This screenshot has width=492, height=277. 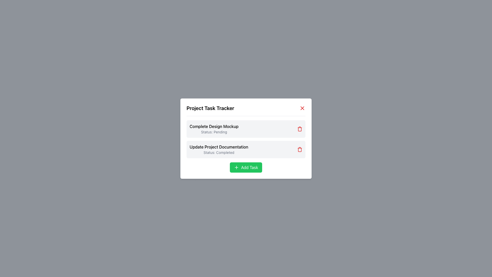 I want to click on the 'Add New Task' button located at the bottom center of the 'Project Task Tracker' module, so click(x=246, y=167).